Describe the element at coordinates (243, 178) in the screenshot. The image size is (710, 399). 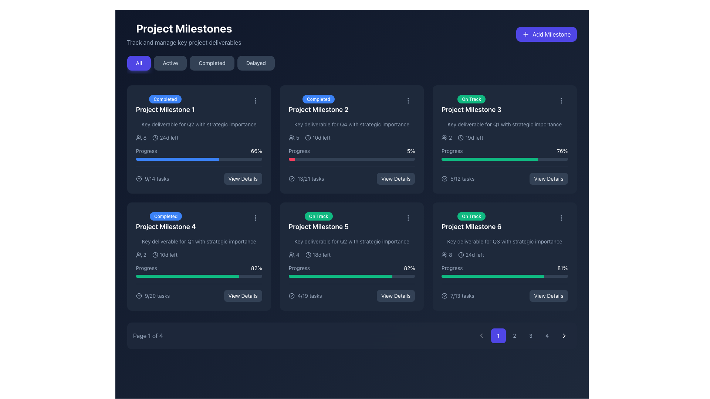
I see `the button located in the bottom section of the 'Project Milestone 1' card, beside the text '9/14 tasks', to observe hover effects` at that location.